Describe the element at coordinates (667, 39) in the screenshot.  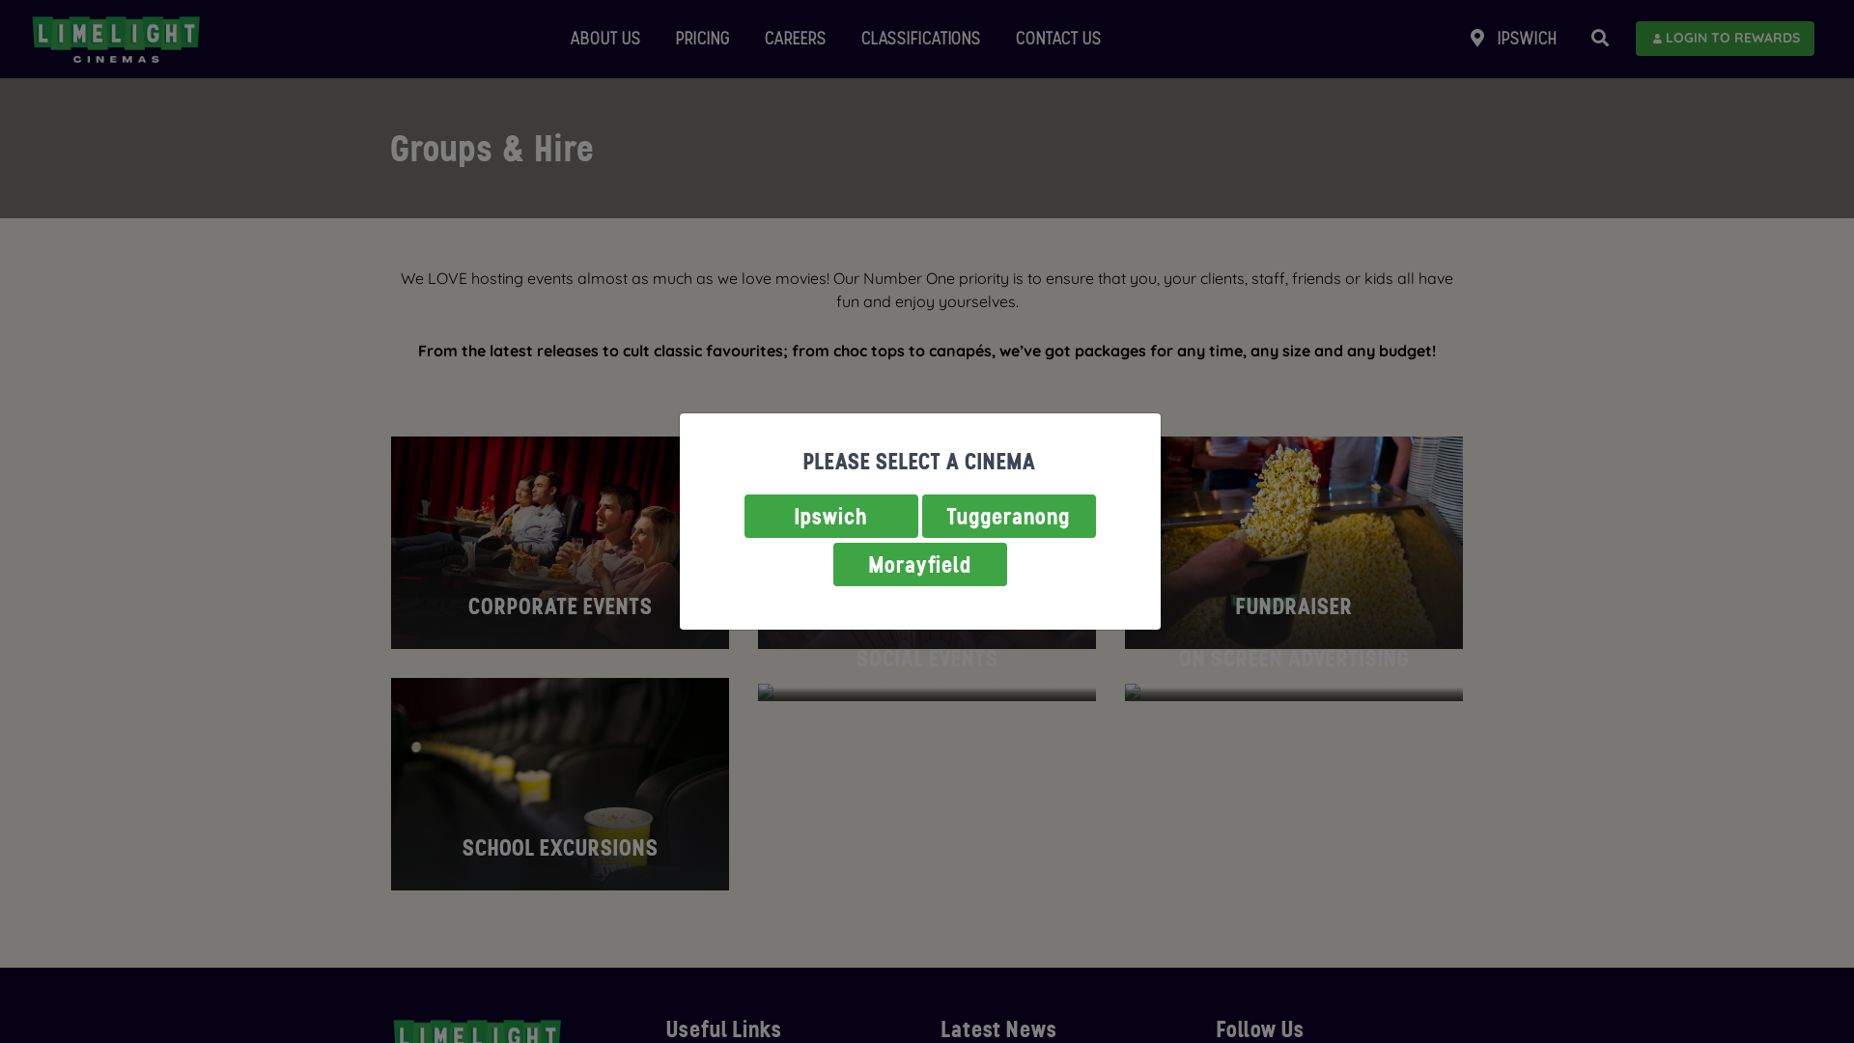
I see `'PRICING'` at that location.